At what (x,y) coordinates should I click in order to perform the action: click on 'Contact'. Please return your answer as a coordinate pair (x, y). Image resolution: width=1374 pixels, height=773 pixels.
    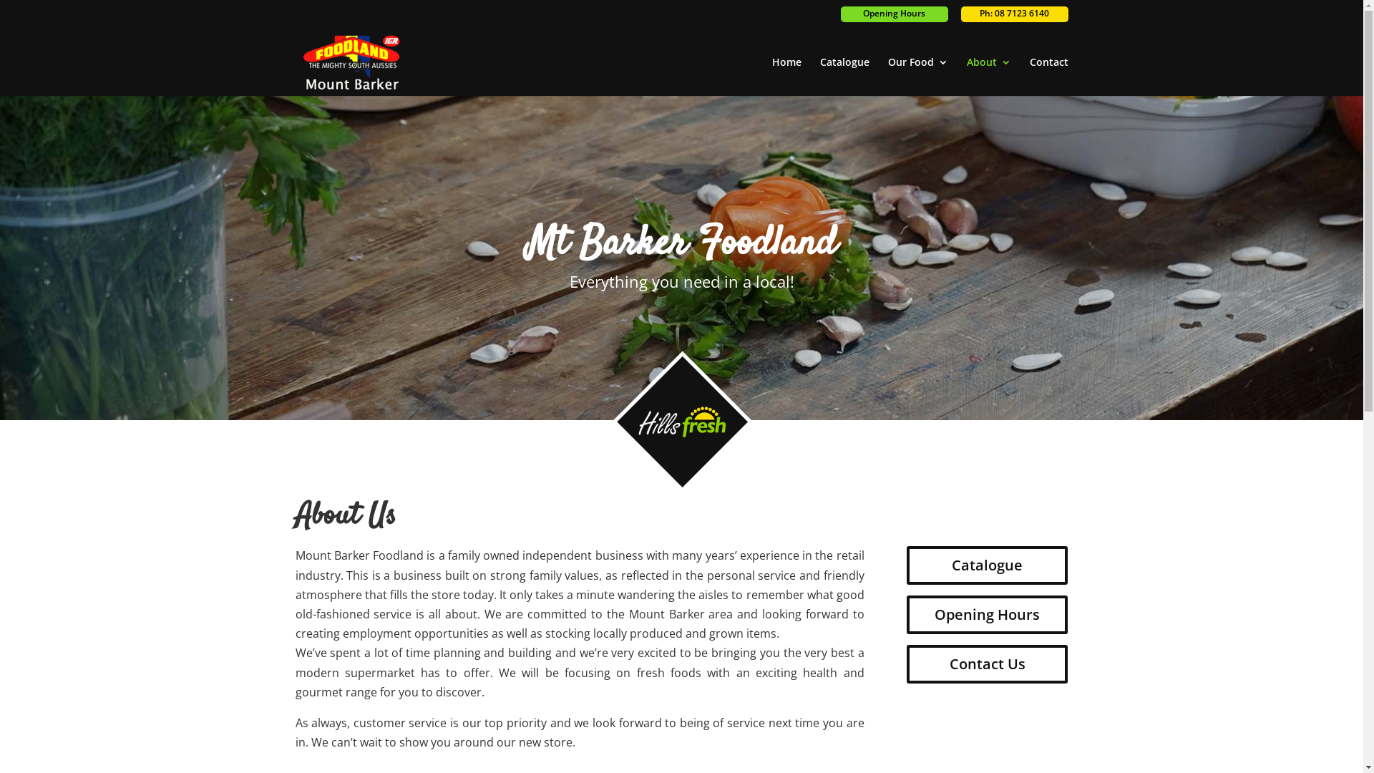
    Looking at the image, I should click on (1048, 77).